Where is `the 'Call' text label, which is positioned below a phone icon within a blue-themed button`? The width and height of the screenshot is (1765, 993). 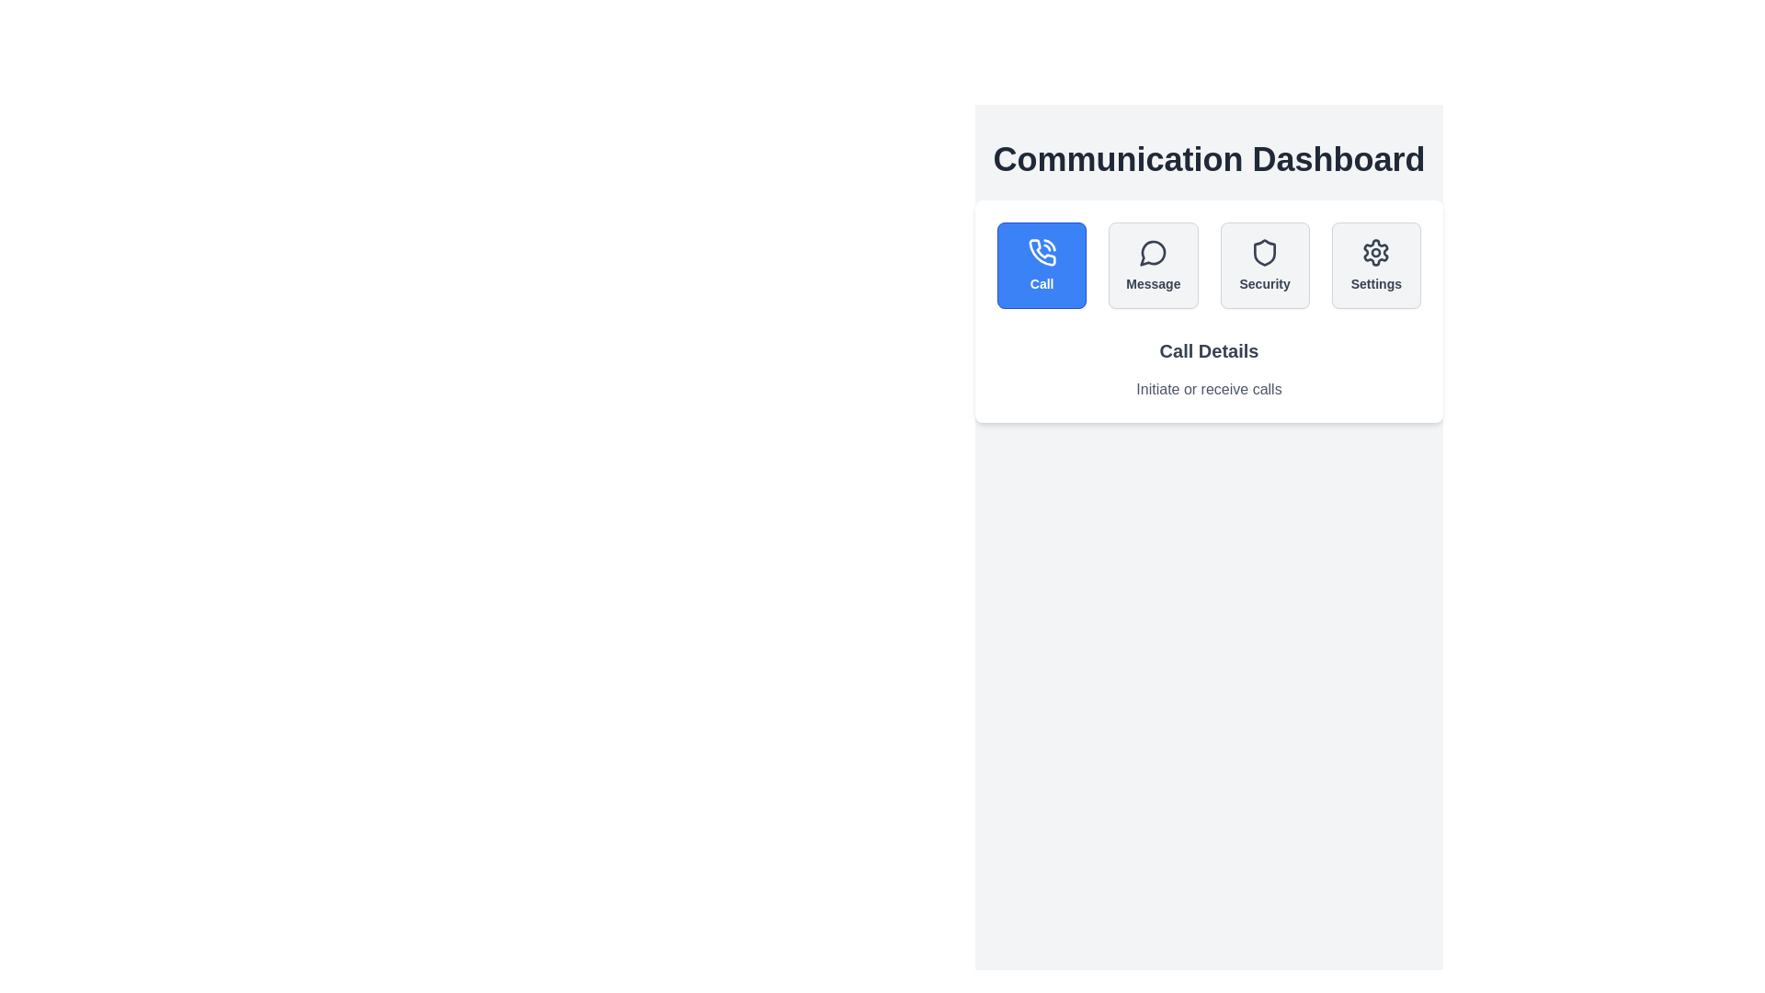 the 'Call' text label, which is positioned below a phone icon within a blue-themed button is located at coordinates (1042, 283).